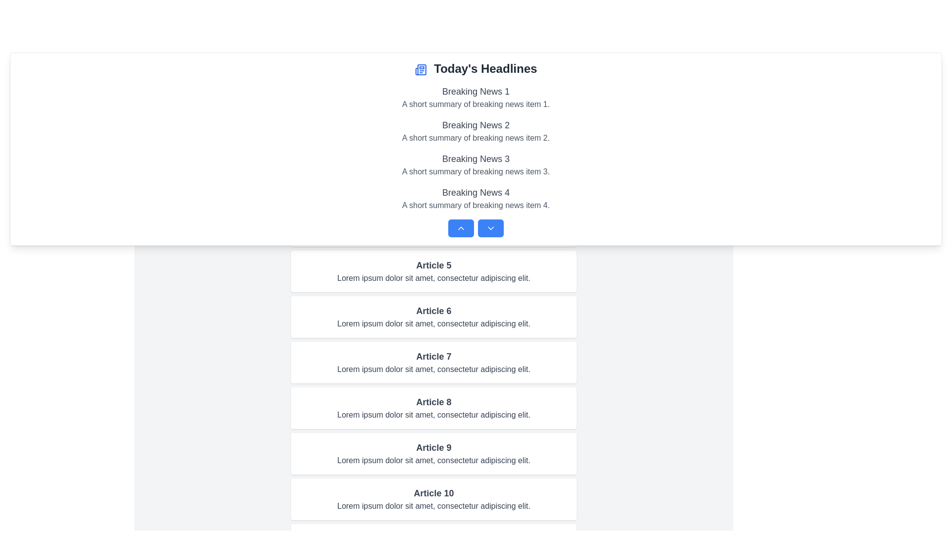 This screenshot has width=952, height=535. What do you see at coordinates (476, 193) in the screenshot?
I see `the text header for the fourth news item` at bounding box center [476, 193].